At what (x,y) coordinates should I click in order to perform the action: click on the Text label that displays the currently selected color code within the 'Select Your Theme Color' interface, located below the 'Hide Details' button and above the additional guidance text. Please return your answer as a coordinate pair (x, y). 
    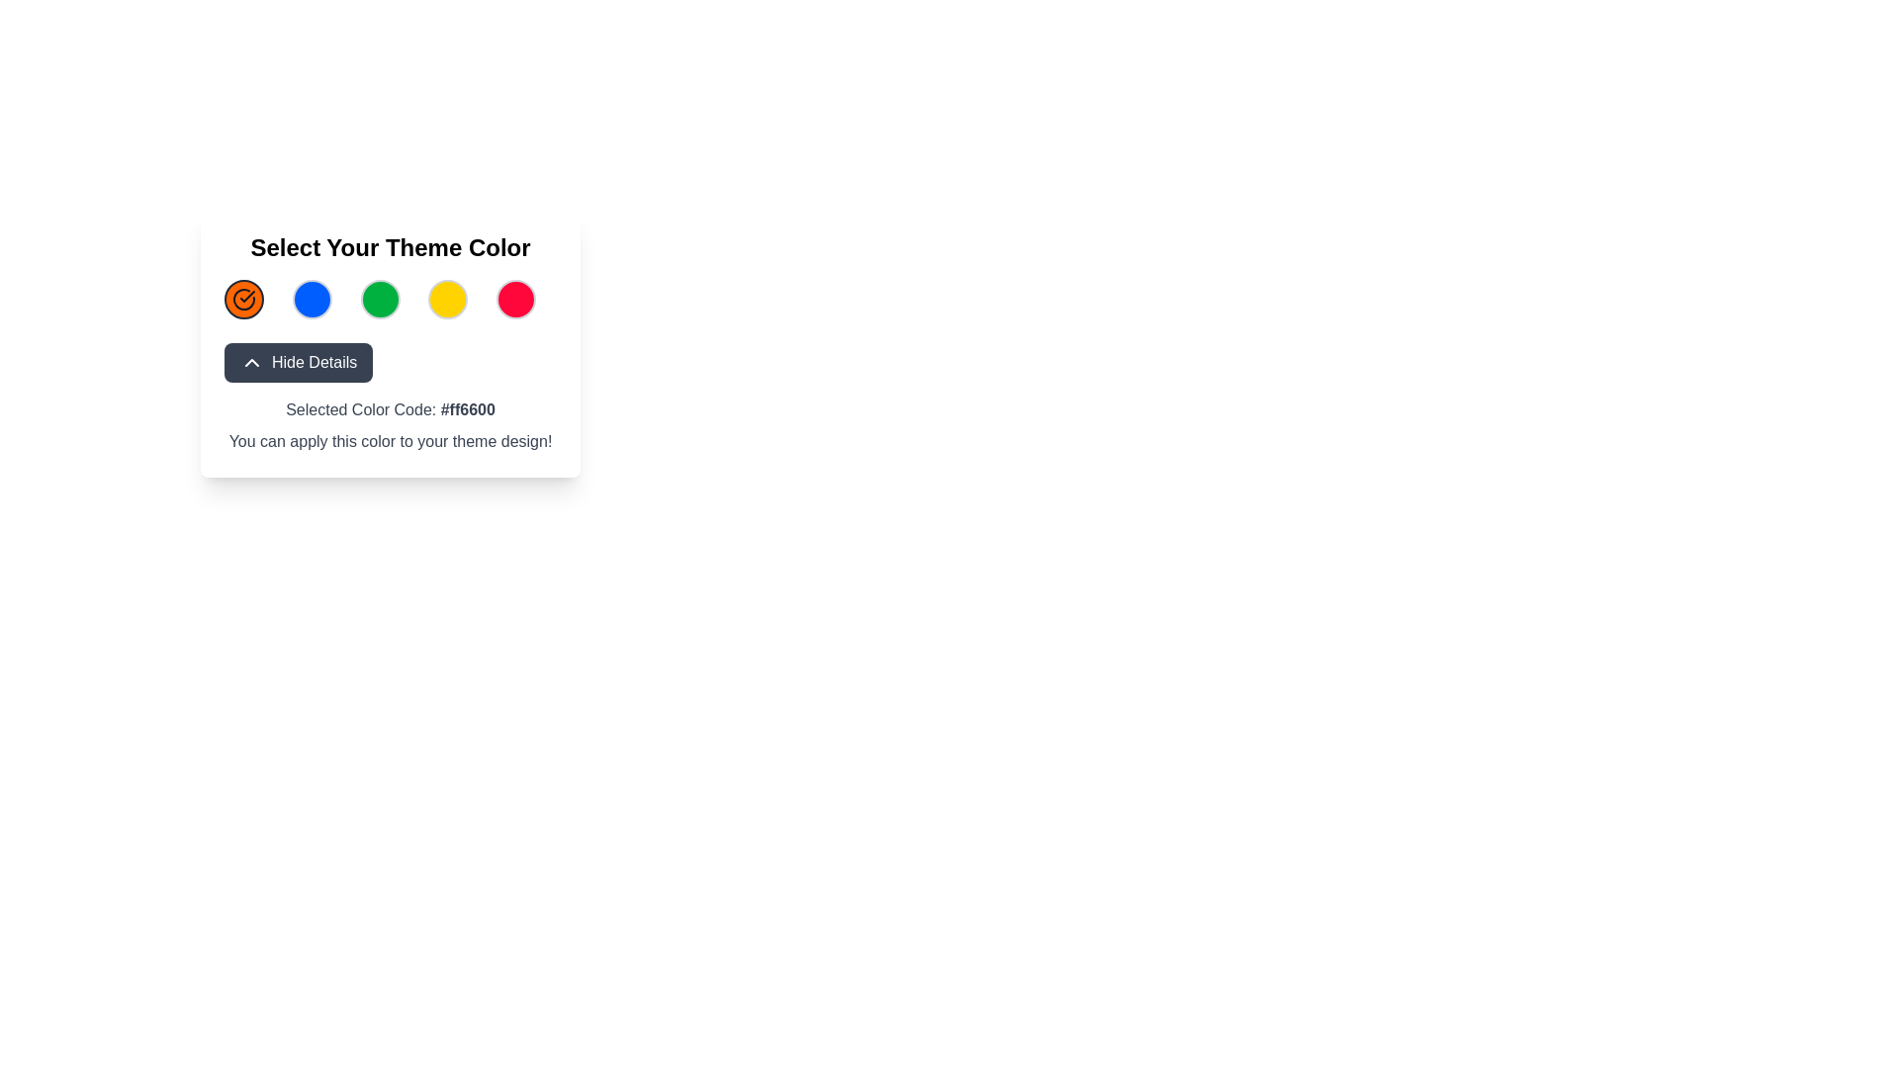
    Looking at the image, I should click on (390, 409).